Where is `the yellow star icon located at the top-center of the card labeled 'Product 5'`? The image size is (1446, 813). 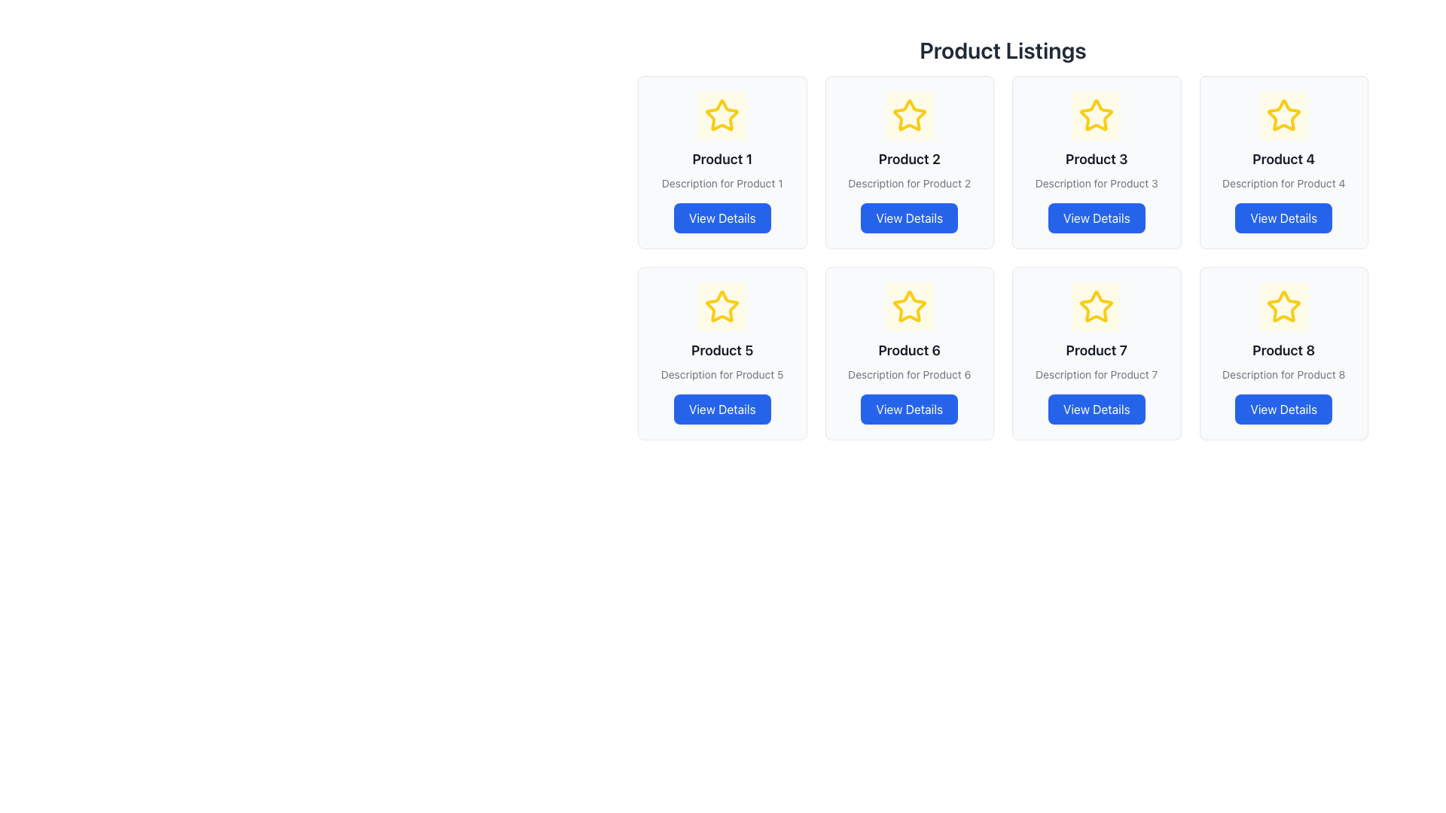 the yellow star icon located at the top-center of the card labeled 'Product 5' is located at coordinates (721, 306).